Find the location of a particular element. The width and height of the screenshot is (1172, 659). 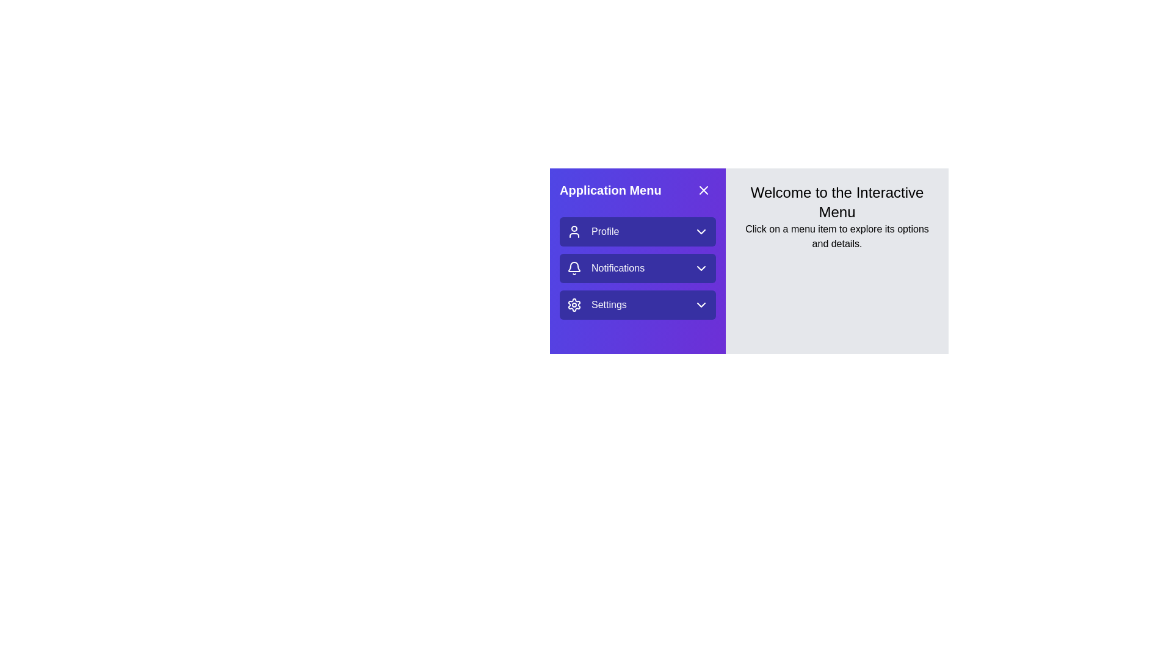

the downward arrow icon located at the far-right end of the 'Notifications' button is located at coordinates (701, 267).